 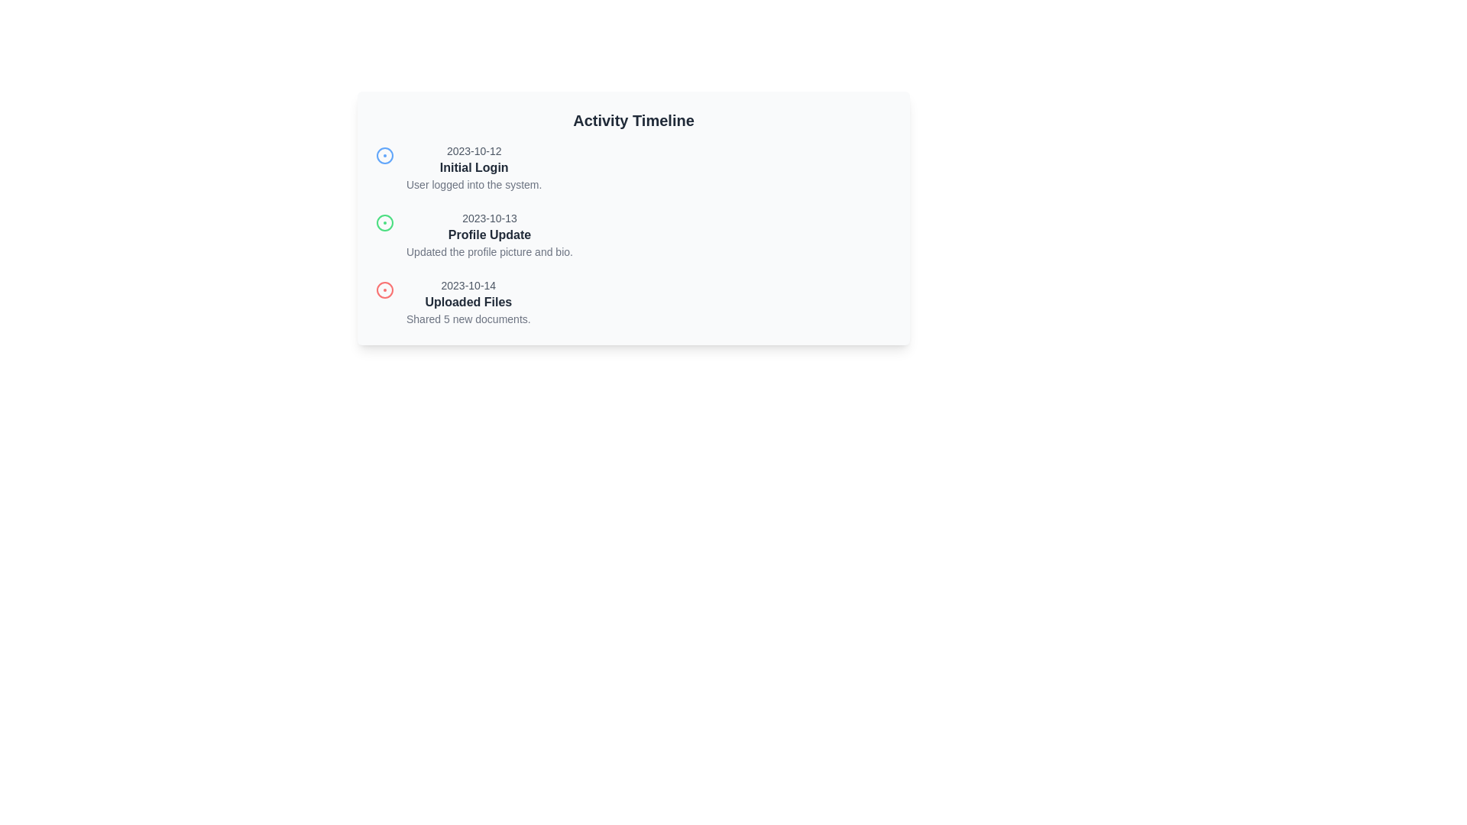 I want to click on the SVG Circle marker indicating the '2023-10-13 Profile Update' entry in the timeline, which is the second marker from the top, so click(x=385, y=223).